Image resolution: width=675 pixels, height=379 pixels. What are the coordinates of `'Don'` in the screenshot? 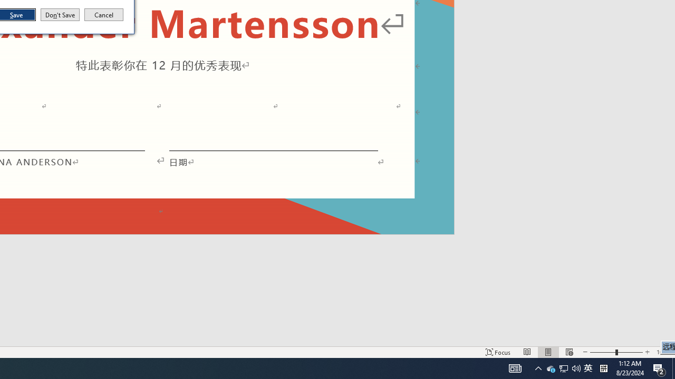 It's located at (59, 15).